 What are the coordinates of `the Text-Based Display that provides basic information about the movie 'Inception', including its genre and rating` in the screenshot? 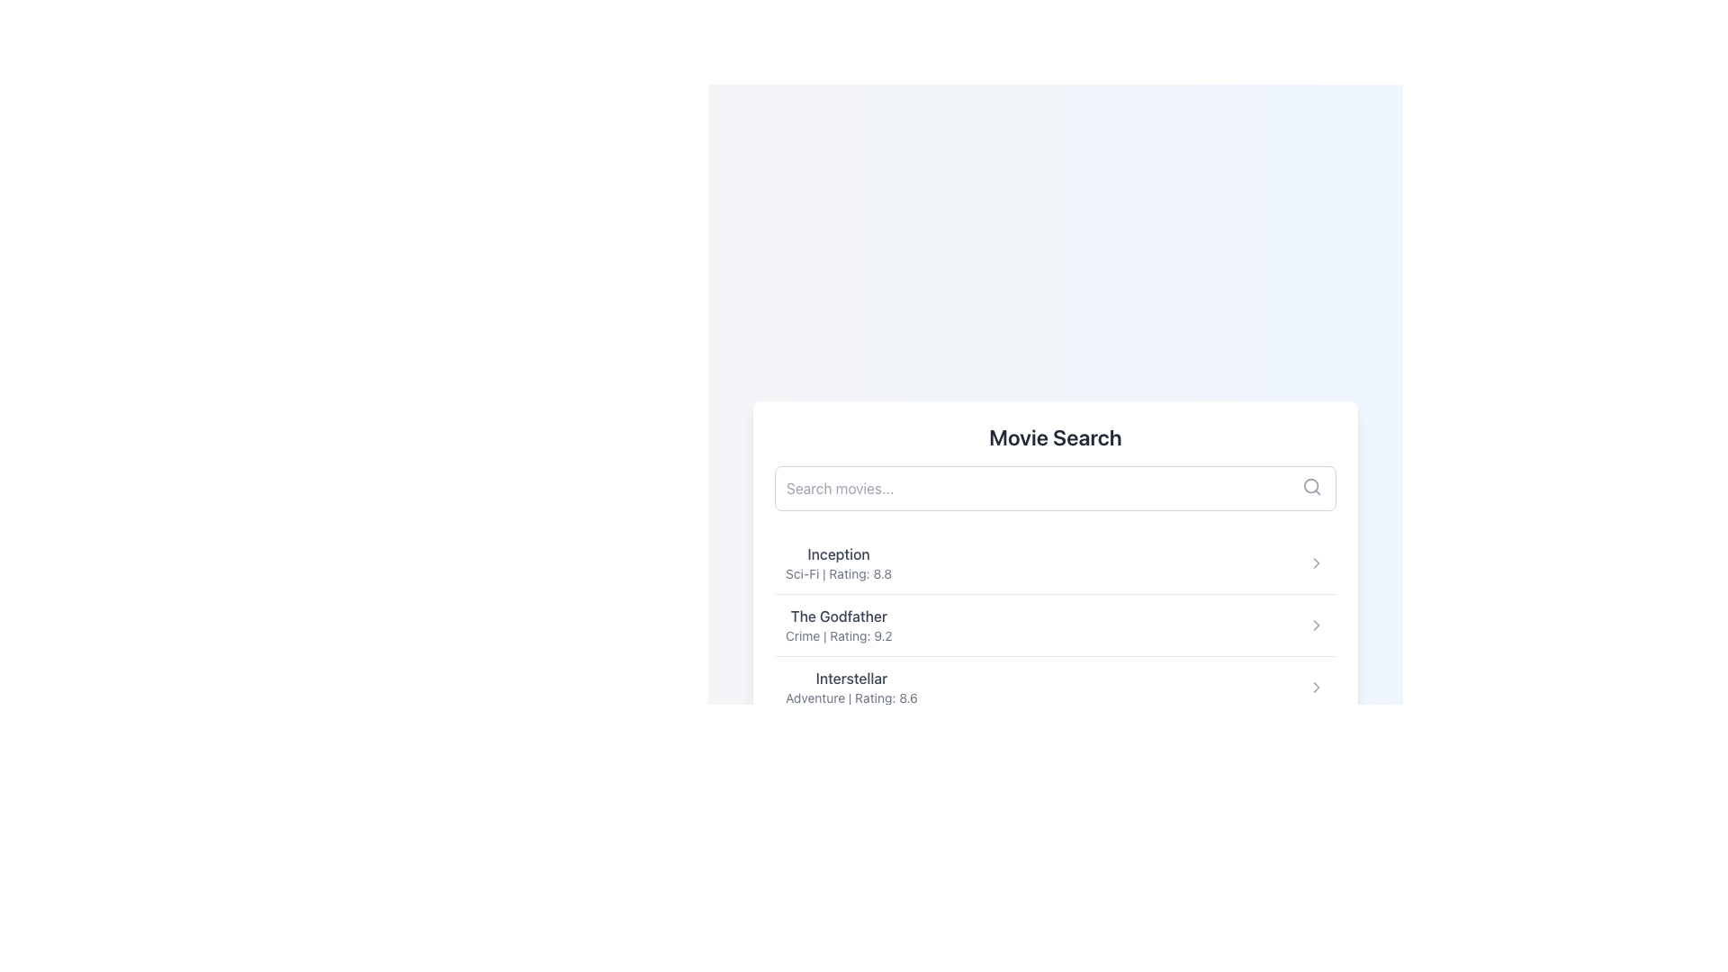 It's located at (837, 562).